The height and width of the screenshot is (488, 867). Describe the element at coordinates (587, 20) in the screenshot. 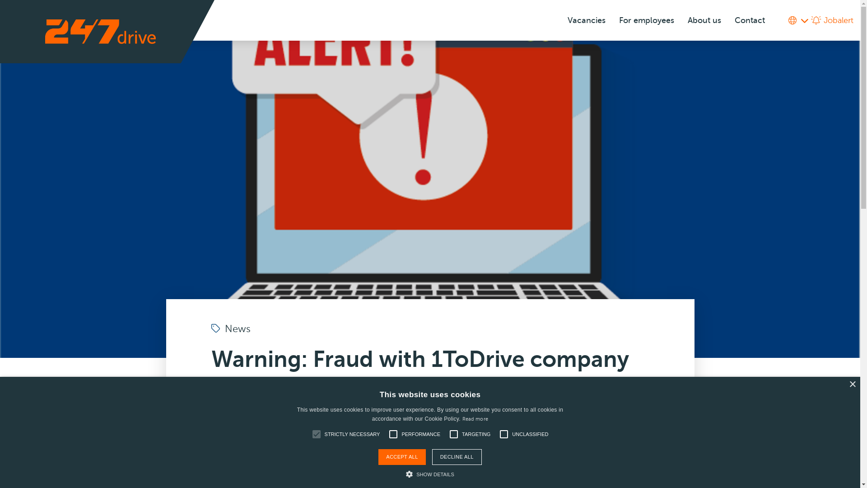

I see `'Vacancies'` at that location.